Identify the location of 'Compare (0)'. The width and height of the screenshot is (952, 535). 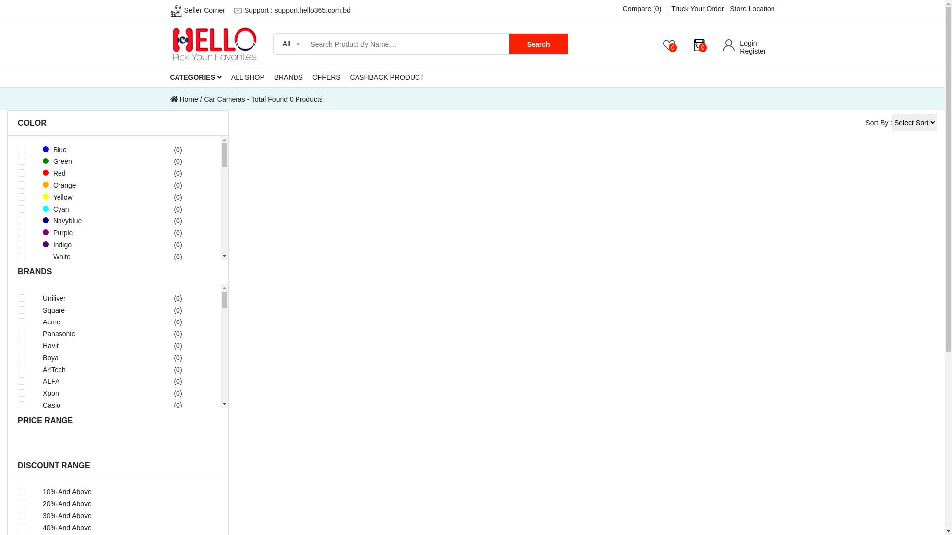
(642, 9).